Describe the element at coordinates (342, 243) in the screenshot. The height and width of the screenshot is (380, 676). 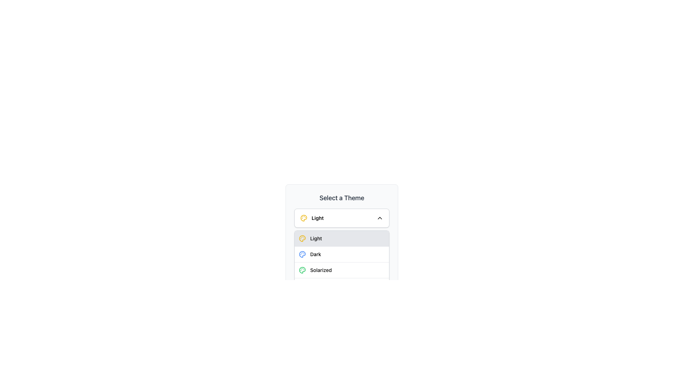
I see `the 'Light' theme option in the dropdown menu` at that location.